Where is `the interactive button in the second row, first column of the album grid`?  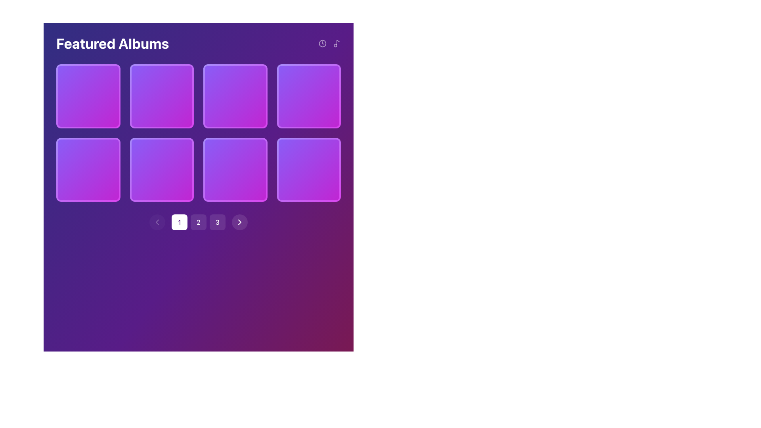
the interactive button in the second row, first column of the album grid is located at coordinates (161, 169).